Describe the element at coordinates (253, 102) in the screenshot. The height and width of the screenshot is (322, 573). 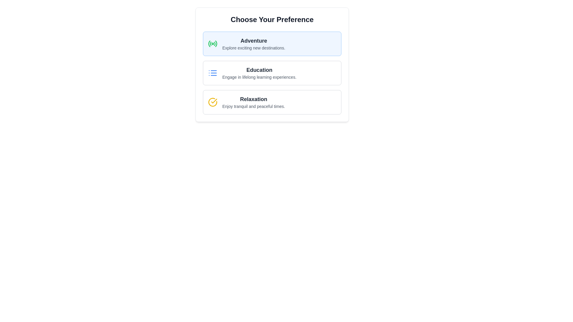
I see `the text display element labeled 'Relaxation'` at that location.